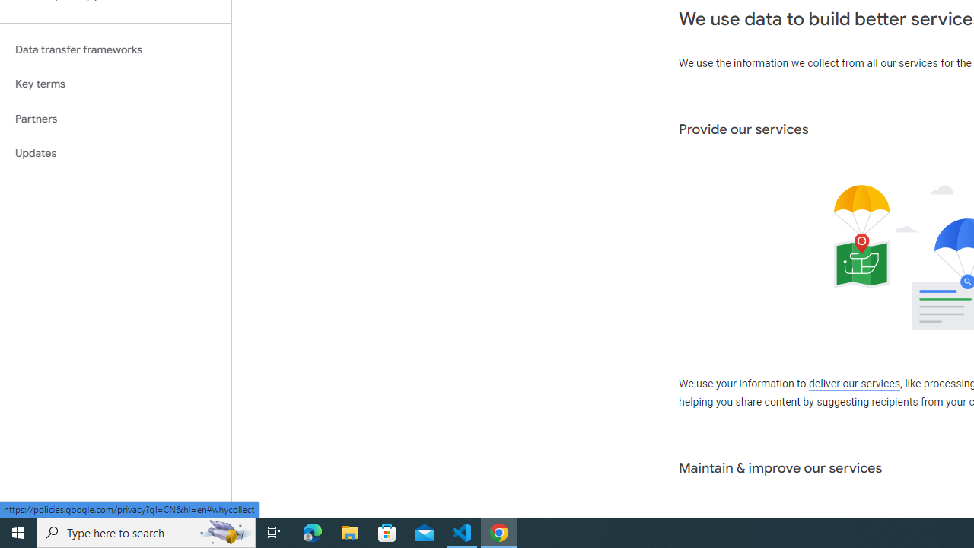  What do you see at coordinates (115, 118) in the screenshot?
I see `'Partners'` at bounding box center [115, 118].